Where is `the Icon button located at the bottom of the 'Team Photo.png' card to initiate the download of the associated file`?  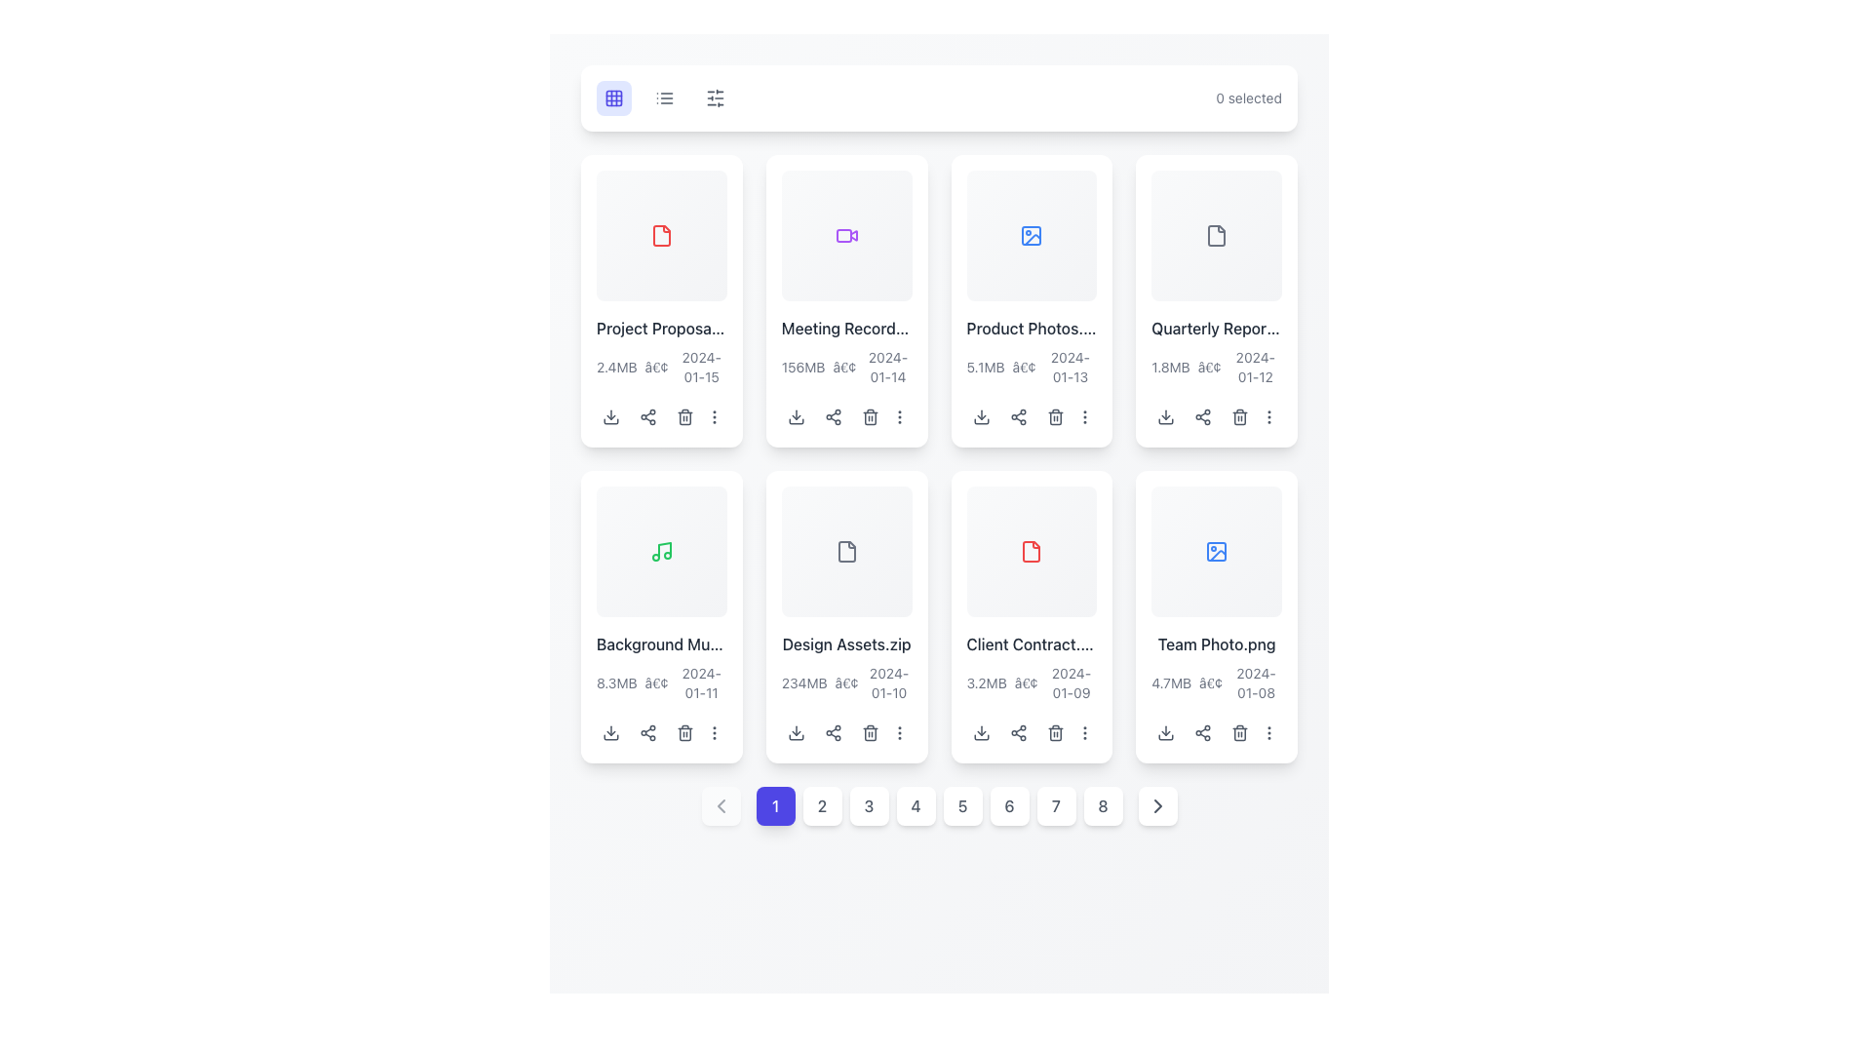
the Icon button located at the bottom of the 'Team Photo.png' card to initiate the download of the associated file is located at coordinates (1166, 732).